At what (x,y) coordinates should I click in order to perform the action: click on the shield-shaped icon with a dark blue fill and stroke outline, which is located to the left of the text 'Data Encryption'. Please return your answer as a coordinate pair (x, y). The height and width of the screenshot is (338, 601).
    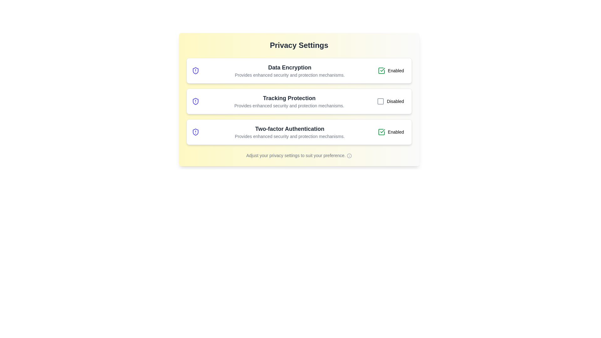
    Looking at the image, I should click on (195, 70).